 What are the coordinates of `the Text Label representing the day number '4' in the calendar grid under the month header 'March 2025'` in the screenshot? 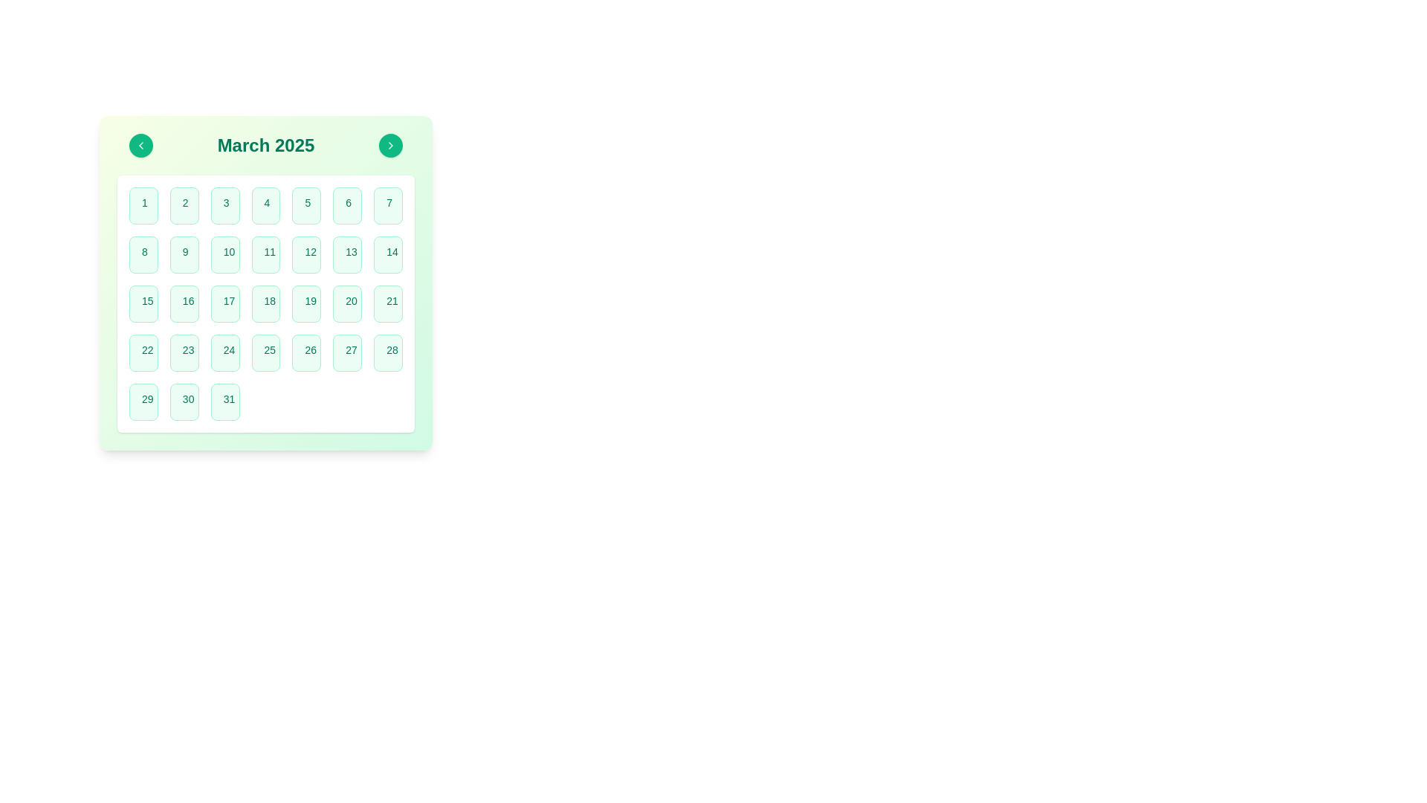 It's located at (267, 203).